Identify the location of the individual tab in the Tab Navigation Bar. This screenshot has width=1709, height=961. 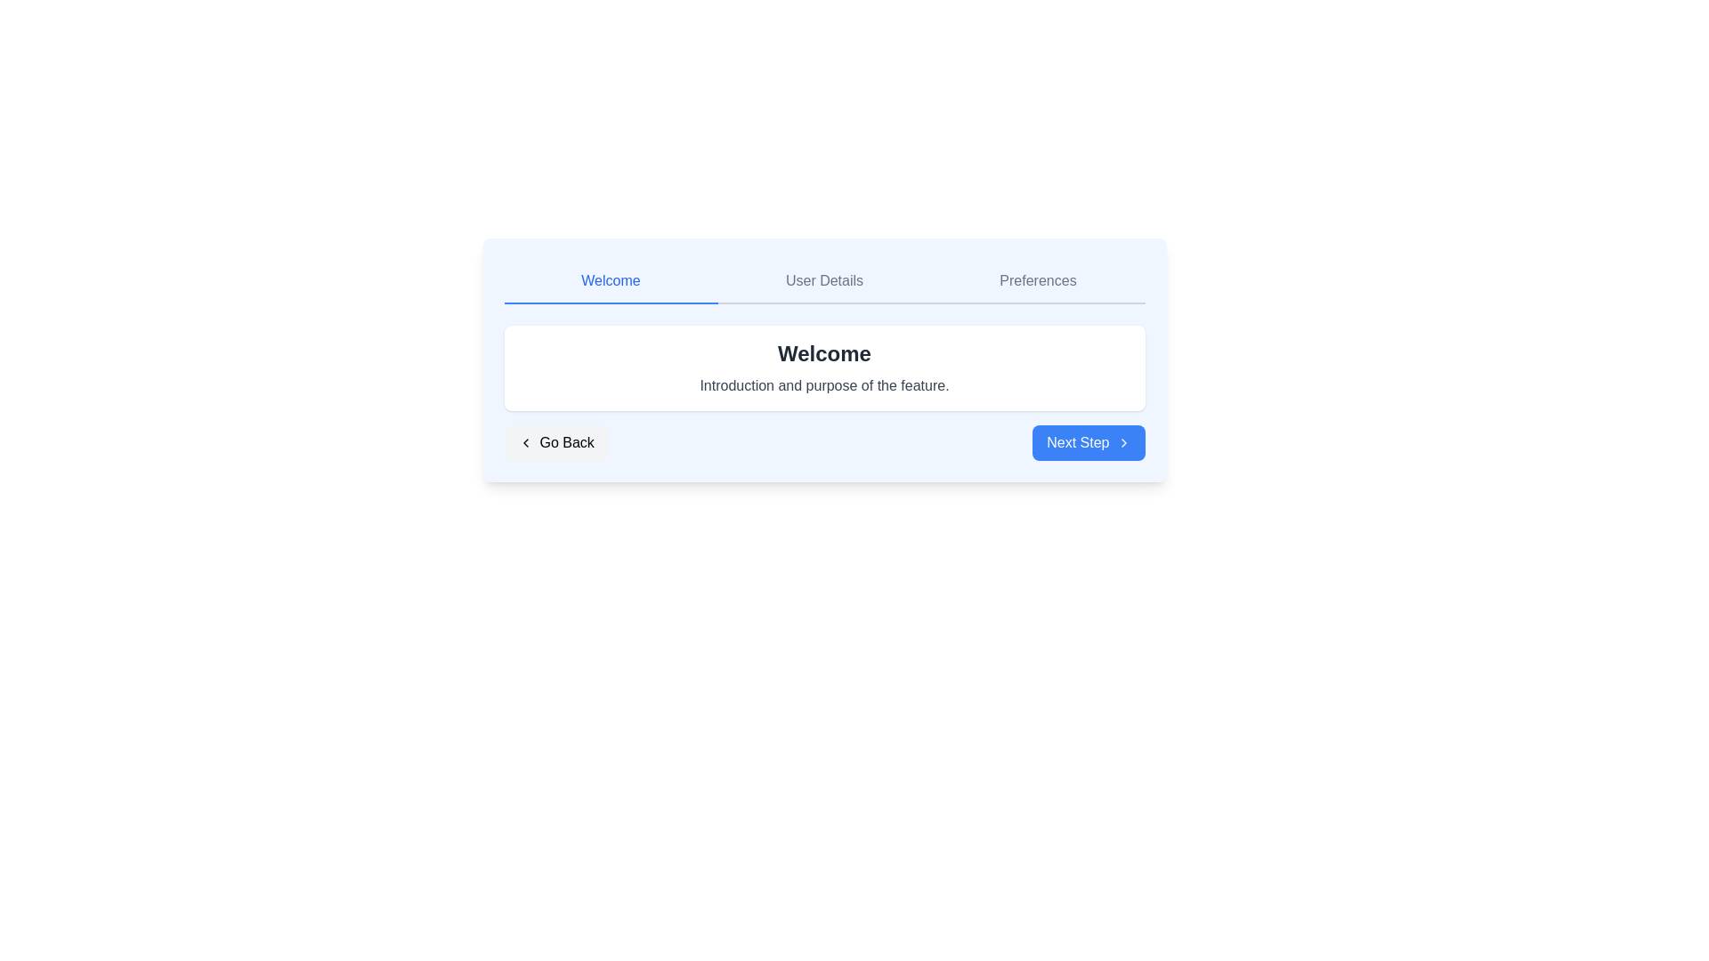
(823, 280).